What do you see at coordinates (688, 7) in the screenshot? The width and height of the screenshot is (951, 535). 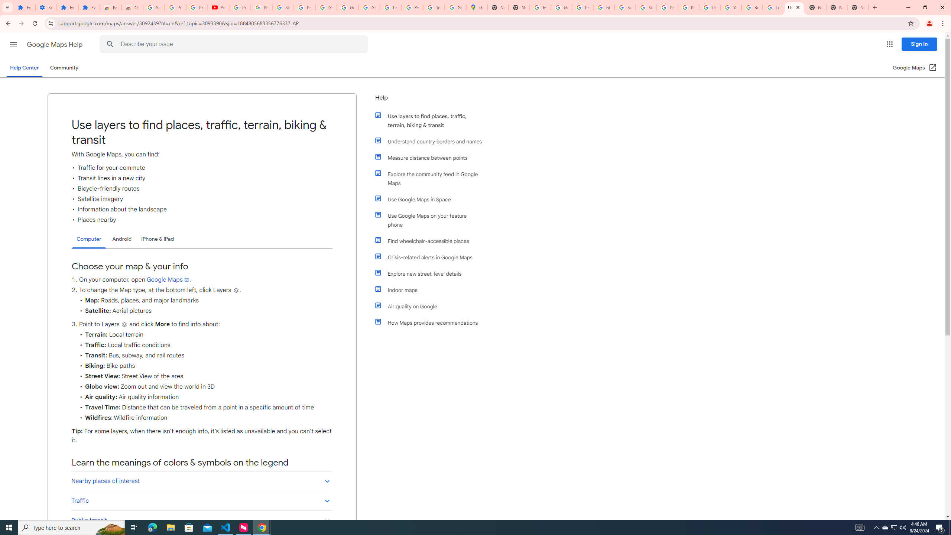 I see `'Privacy Help Center - Policies Help'` at bounding box center [688, 7].